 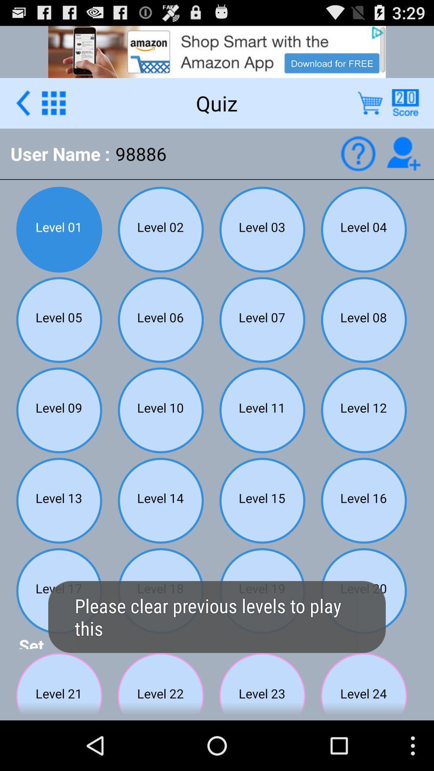 I want to click on user, so click(x=403, y=153).